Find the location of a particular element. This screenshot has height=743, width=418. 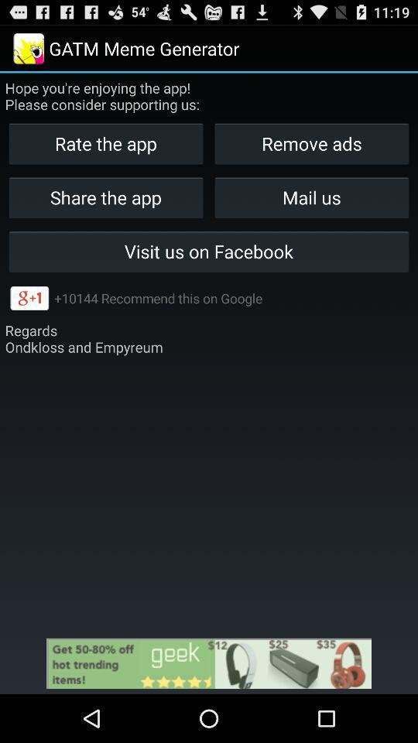

the item above the share the app icon is located at coordinates (311, 143).